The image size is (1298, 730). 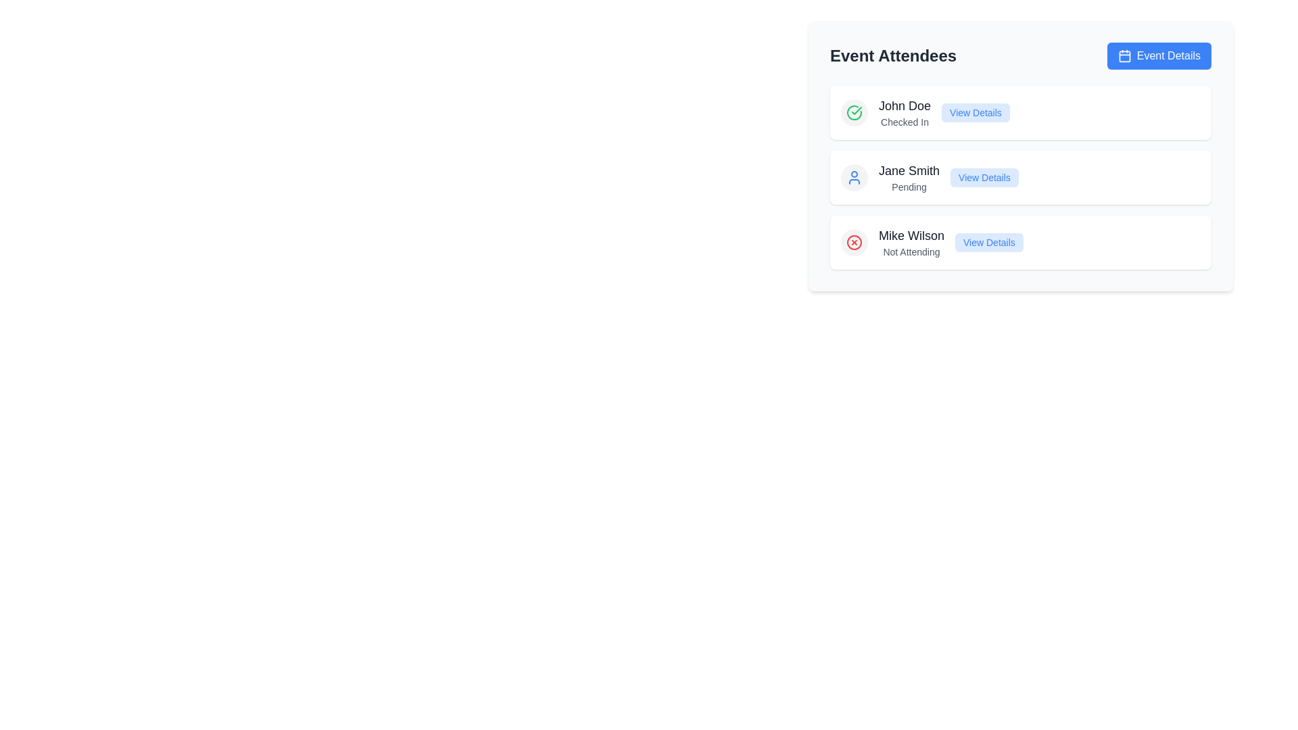 I want to click on the status indicator text label that shows 'John Doe' has checked into the event, located beneath the 'John Doe' text in the attendee list, so click(x=905, y=122).